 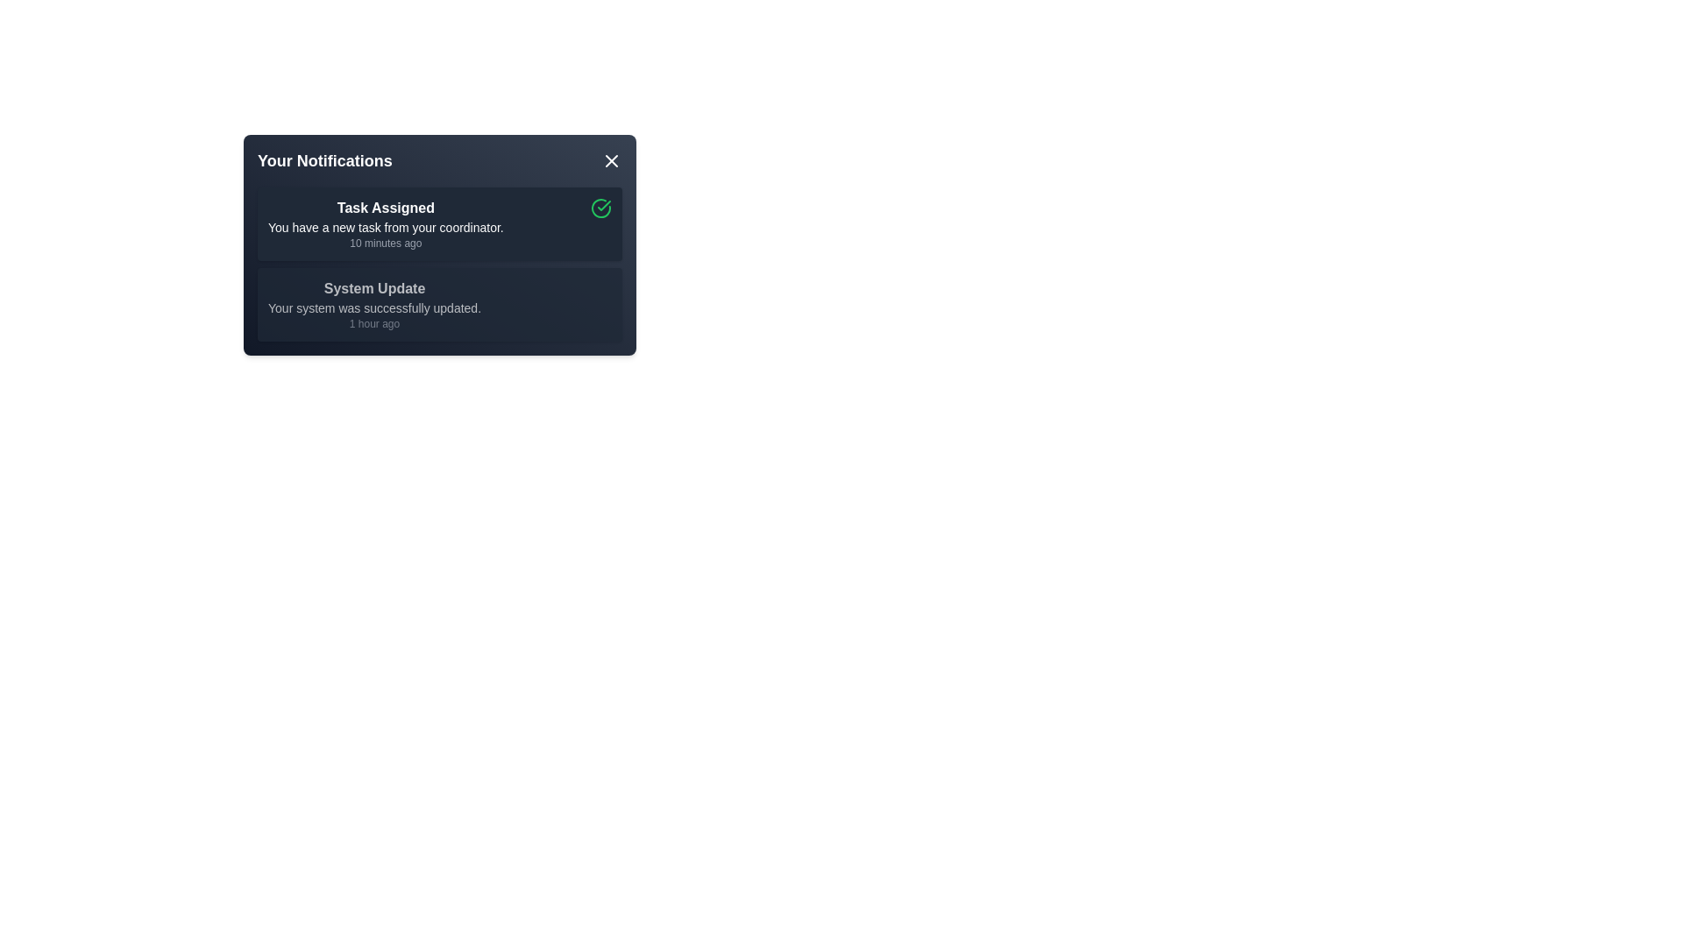 What do you see at coordinates (440, 222) in the screenshot?
I see `the upper notification entry within the notification panel` at bounding box center [440, 222].